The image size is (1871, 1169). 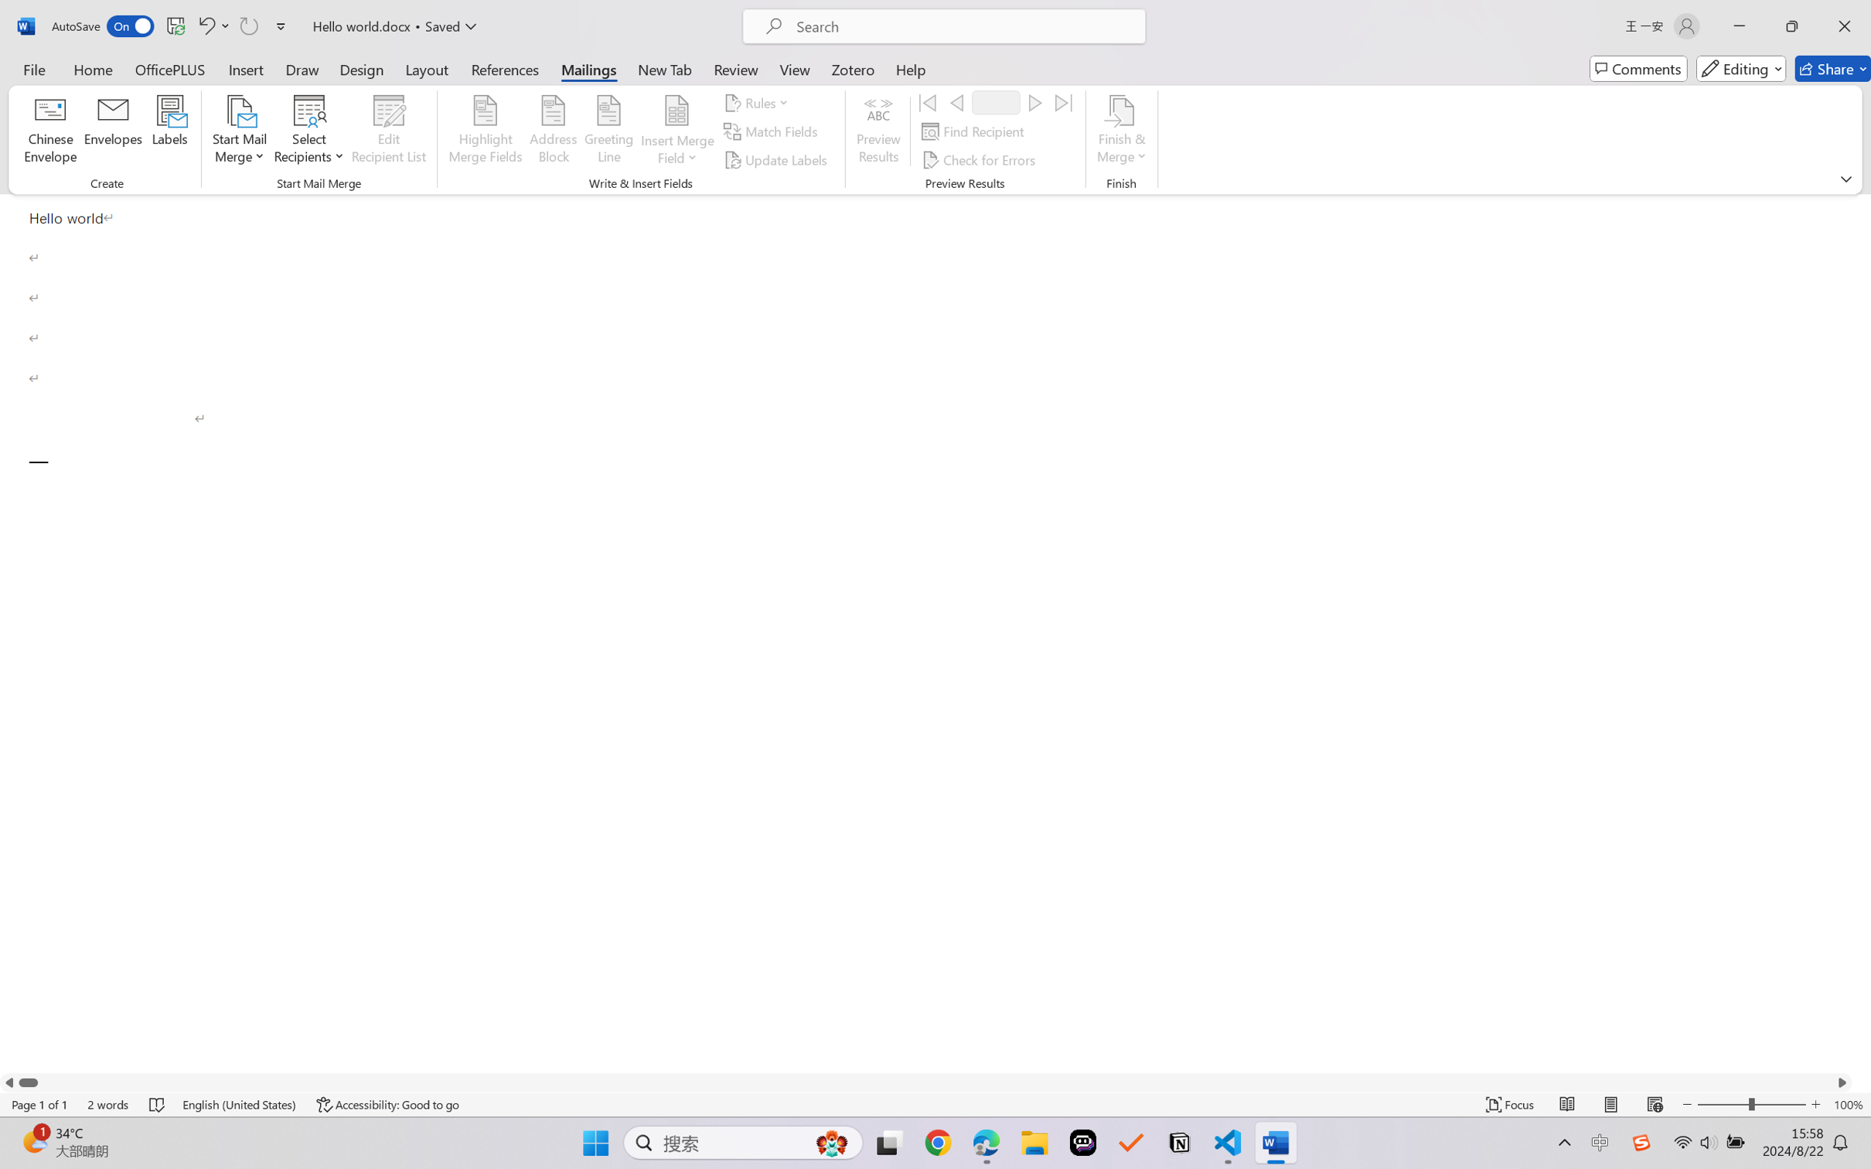 What do you see at coordinates (8, 1082) in the screenshot?
I see `'Column left'` at bounding box center [8, 1082].